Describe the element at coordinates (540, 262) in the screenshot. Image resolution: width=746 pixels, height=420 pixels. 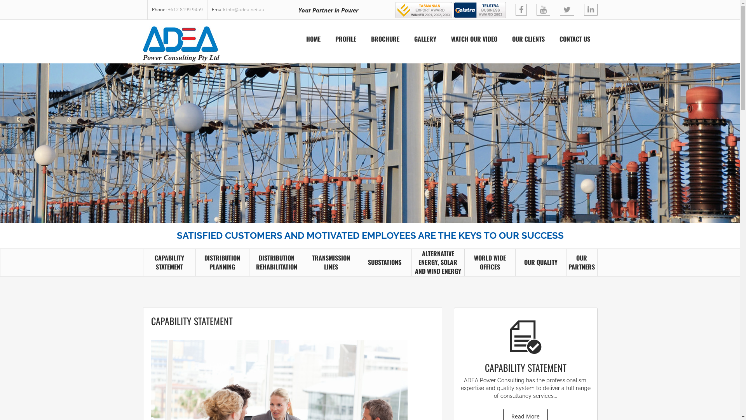
I see `'OUR QUALITY'` at that location.